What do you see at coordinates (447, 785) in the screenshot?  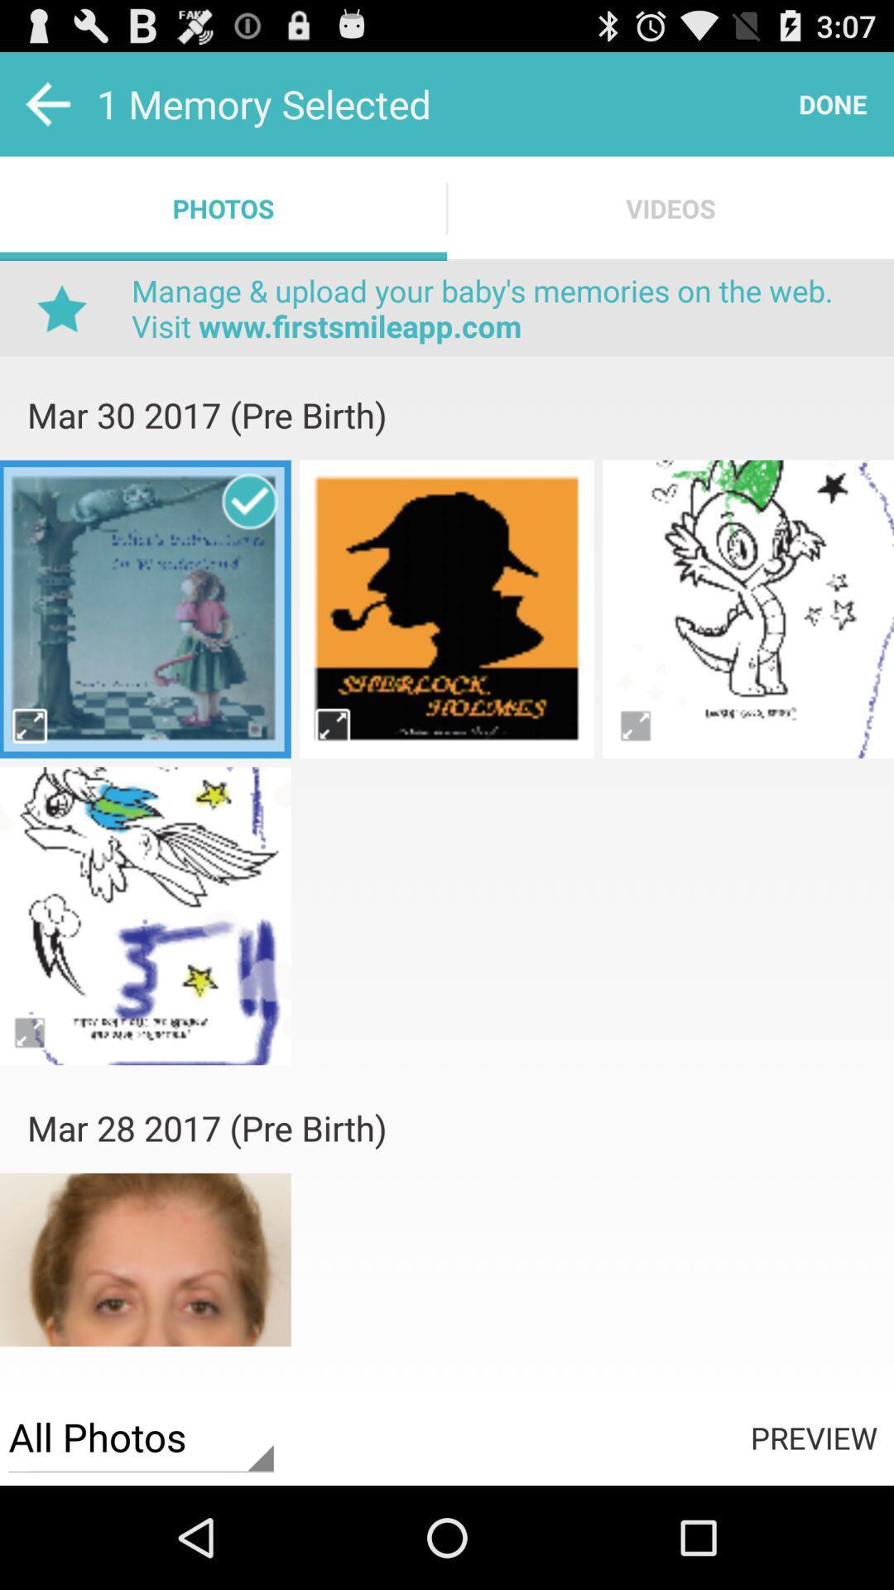 I see `photos` at bounding box center [447, 785].